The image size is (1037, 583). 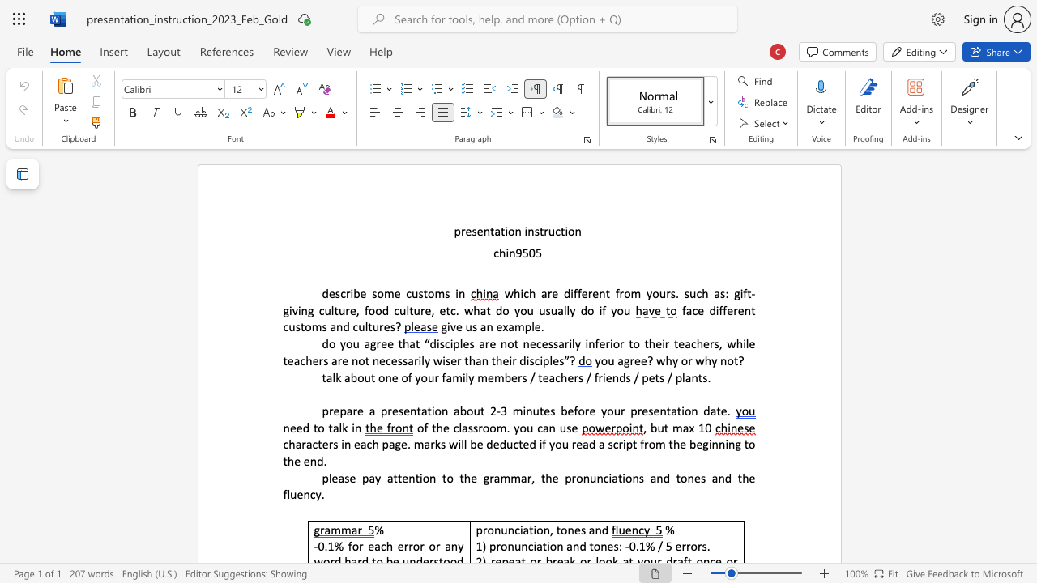 What do you see at coordinates (711, 343) in the screenshot?
I see `the 7th character "r" in the text` at bounding box center [711, 343].